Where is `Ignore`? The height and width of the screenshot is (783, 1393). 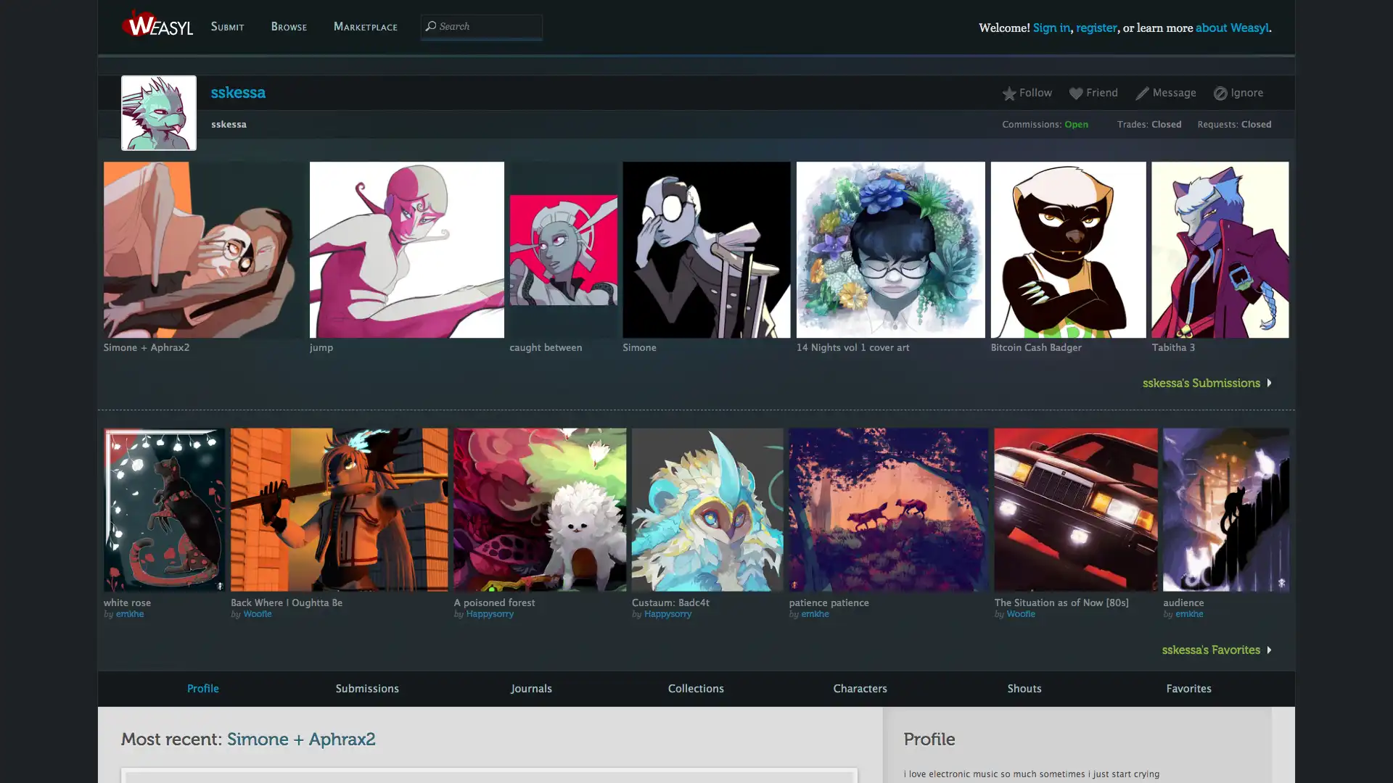 Ignore is located at coordinates (1237, 92).